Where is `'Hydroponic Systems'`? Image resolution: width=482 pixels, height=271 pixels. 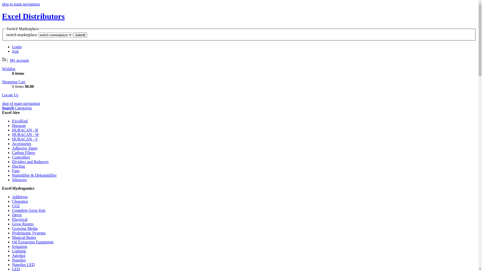
'Hydroponic Systems' is located at coordinates (29, 233).